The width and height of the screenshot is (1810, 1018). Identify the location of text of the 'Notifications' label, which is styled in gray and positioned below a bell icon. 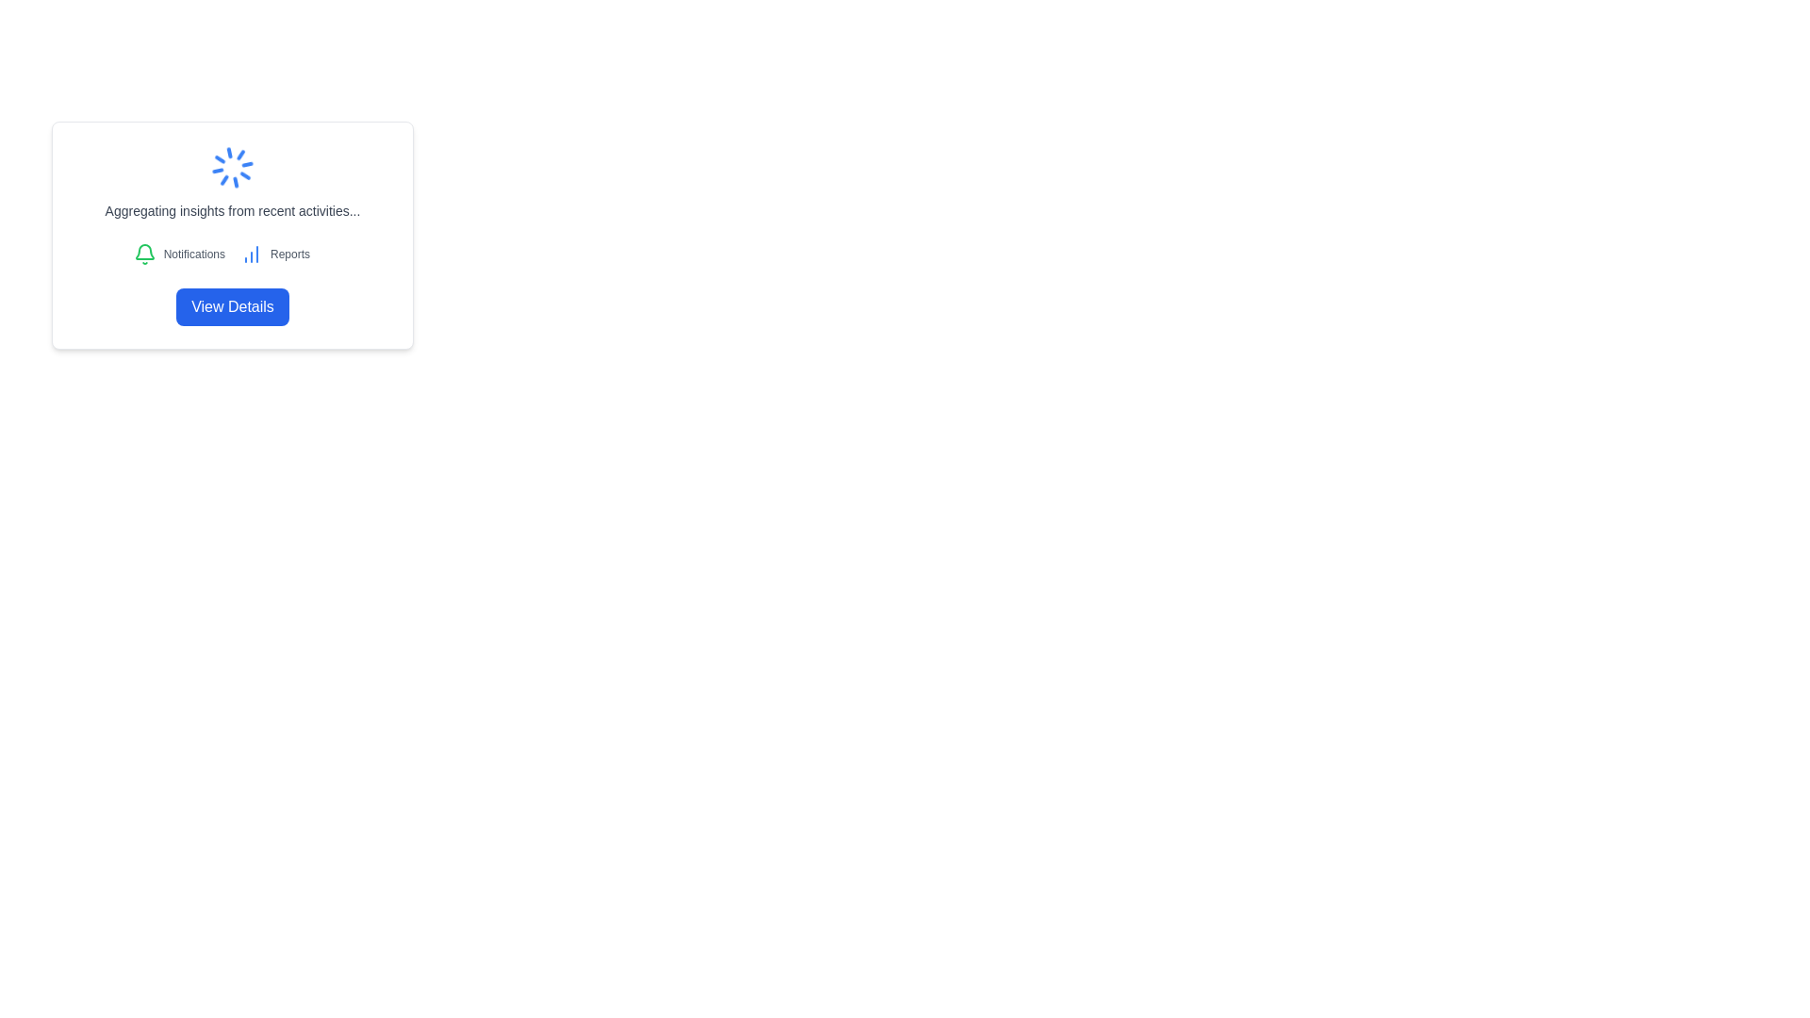
(194, 254).